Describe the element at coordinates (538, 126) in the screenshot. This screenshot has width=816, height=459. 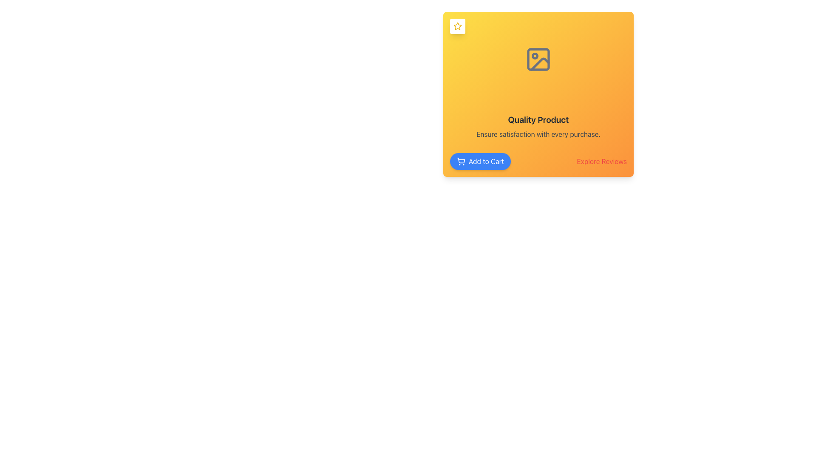
I see `the text block displaying 'Quality Product' with the subtitle 'Ensure satisfaction with every purchase.' which is centrally located on a vibrant yellow-orange gradient background` at that location.